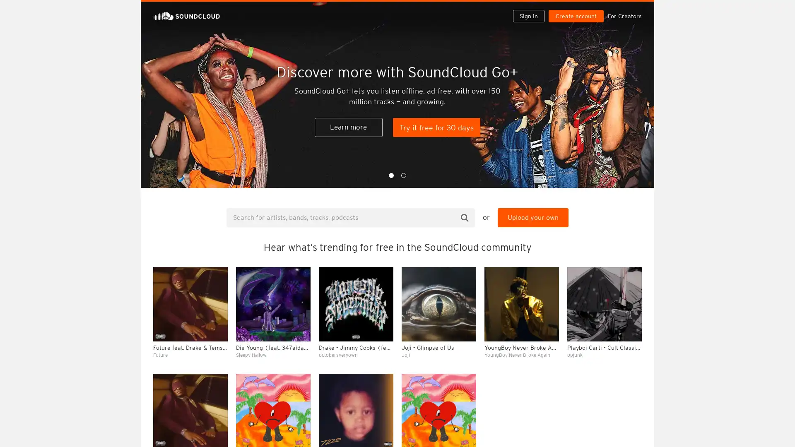  What do you see at coordinates (636, 226) in the screenshot?
I see `Hide queue` at bounding box center [636, 226].